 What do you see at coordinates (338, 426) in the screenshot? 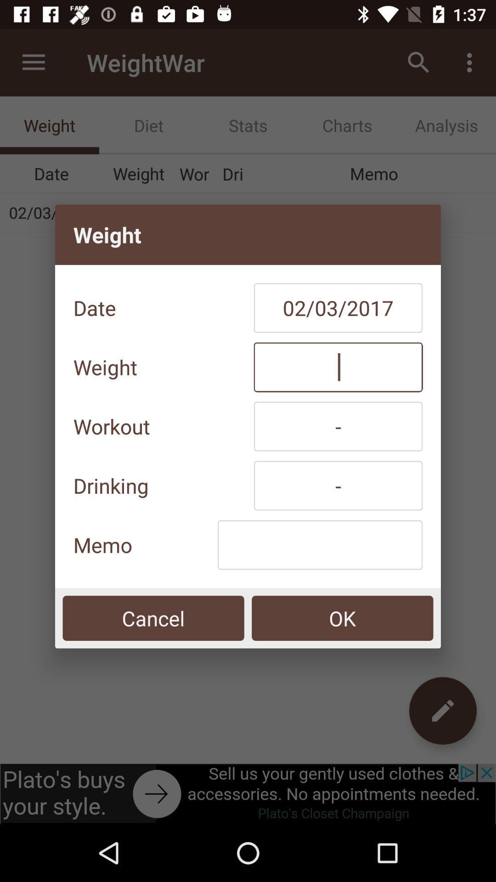
I see `item to the right of workout icon` at bounding box center [338, 426].